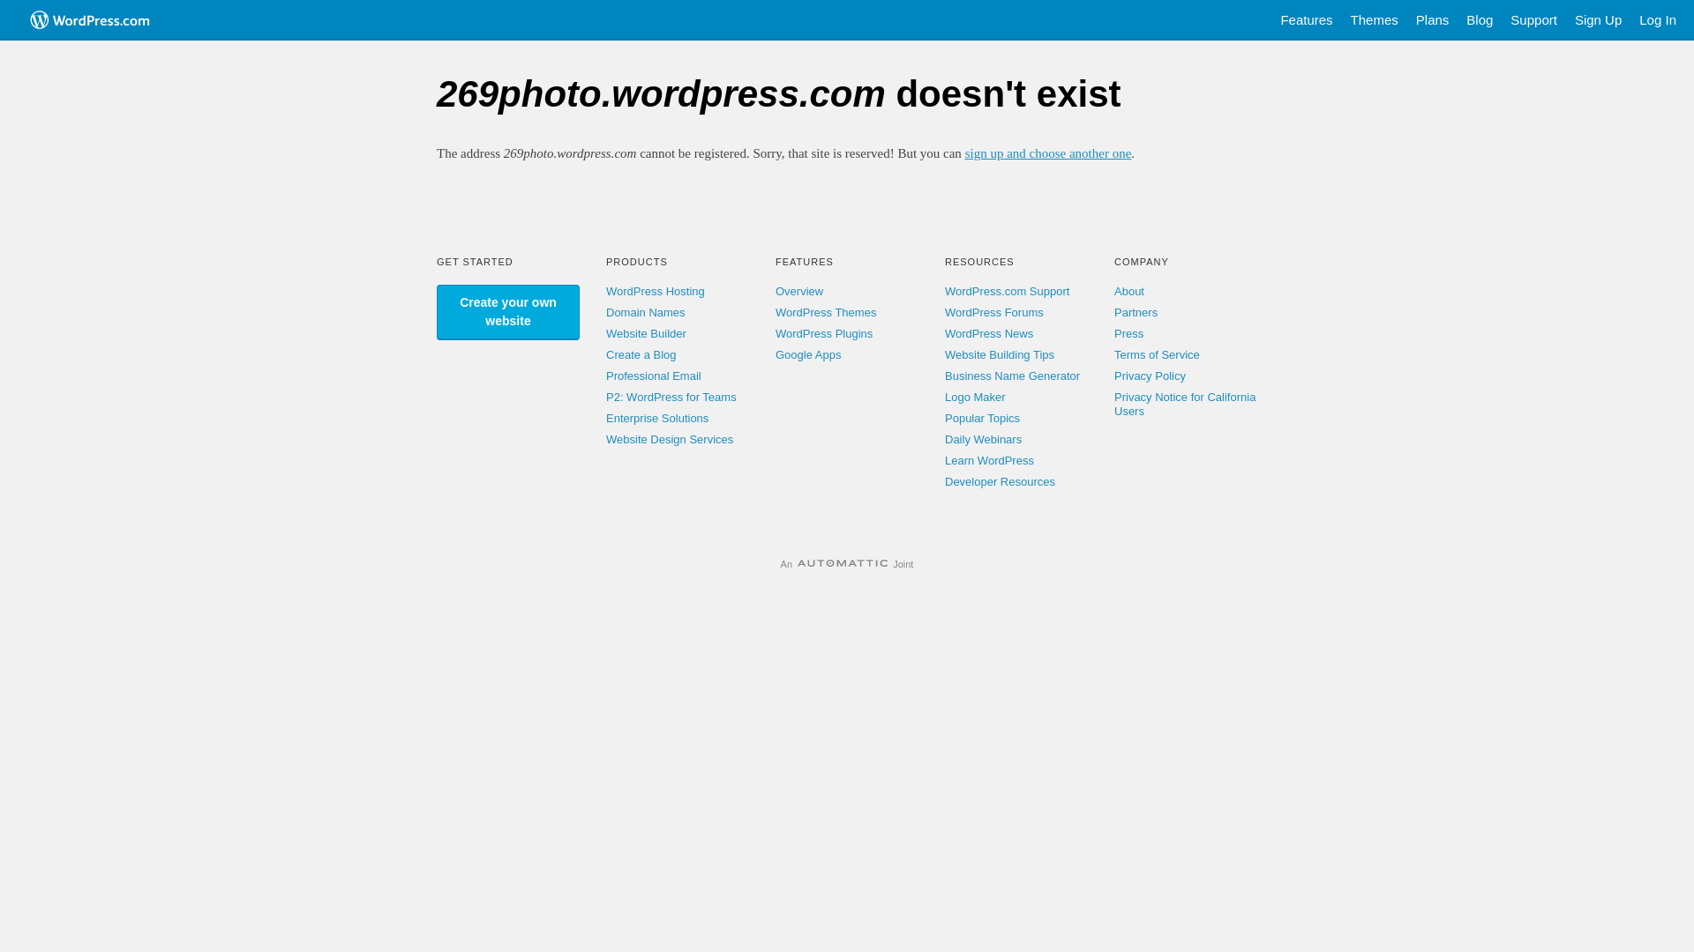 The image size is (1694, 952). Describe the element at coordinates (1630, 20) in the screenshot. I see `'Log In'` at that location.